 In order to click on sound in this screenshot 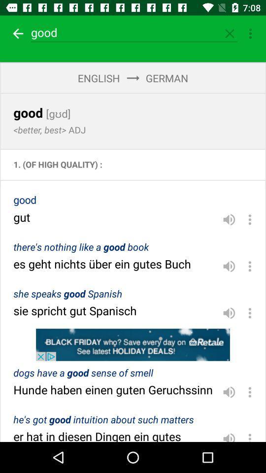, I will do `click(229, 266)`.